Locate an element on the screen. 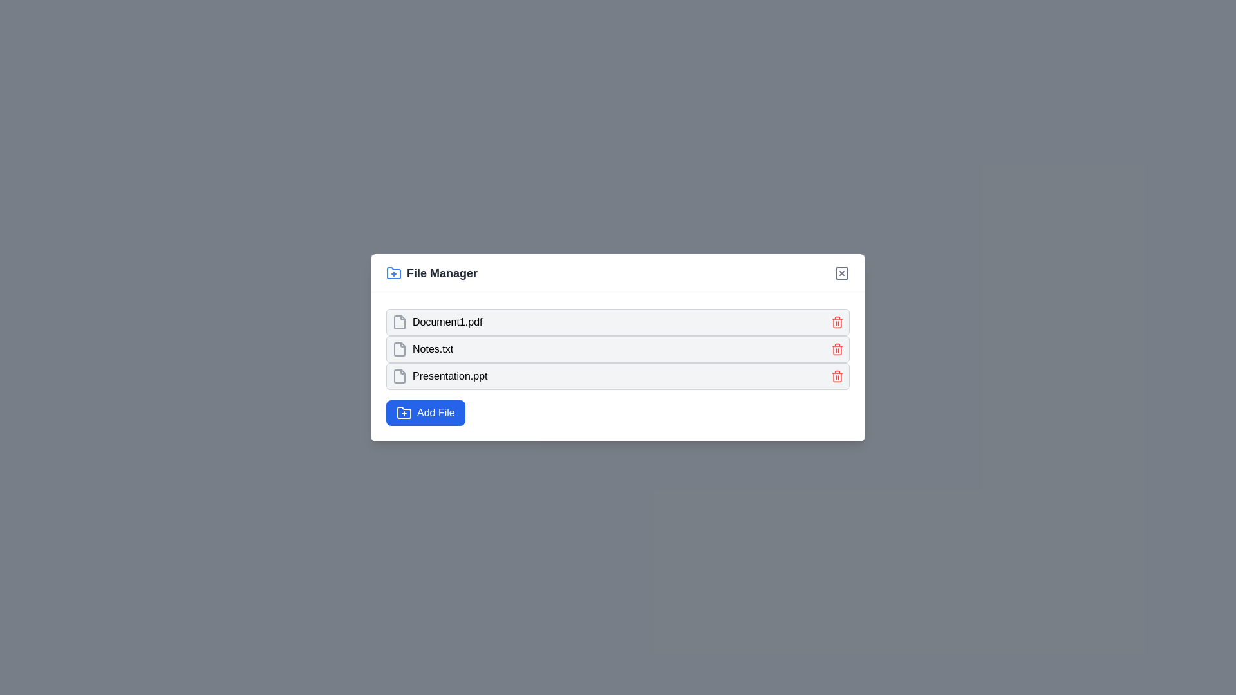 This screenshot has width=1236, height=695. the icon representing the creation or addition of a new folder or file, located on the upper left corner of the 'File Manager' modal, to the left of the 'File Manager' text is located at coordinates (393, 272).